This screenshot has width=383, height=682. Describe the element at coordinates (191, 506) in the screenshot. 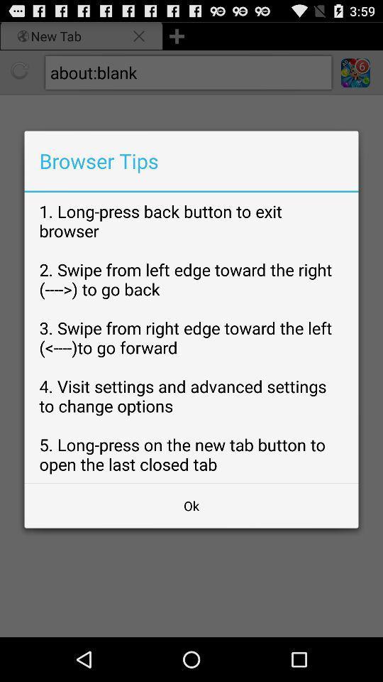

I see `the icon below the 1 long press` at that location.